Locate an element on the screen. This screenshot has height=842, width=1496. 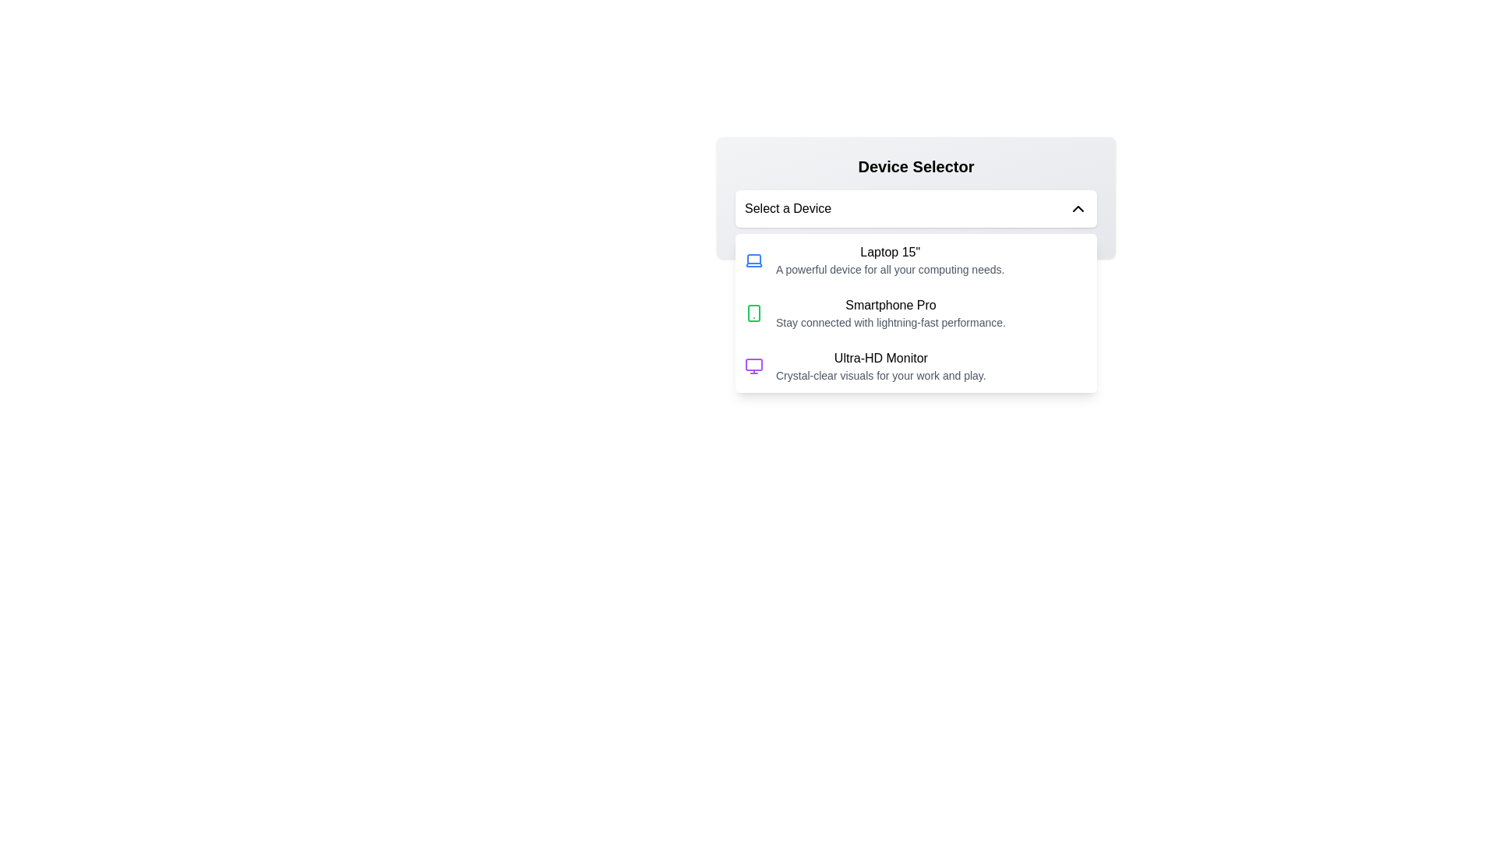
purple monitor icon located in the leftmost section of the Ultra-HD Monitor option in the device selection dropdown is located at coordinates (754, 366).